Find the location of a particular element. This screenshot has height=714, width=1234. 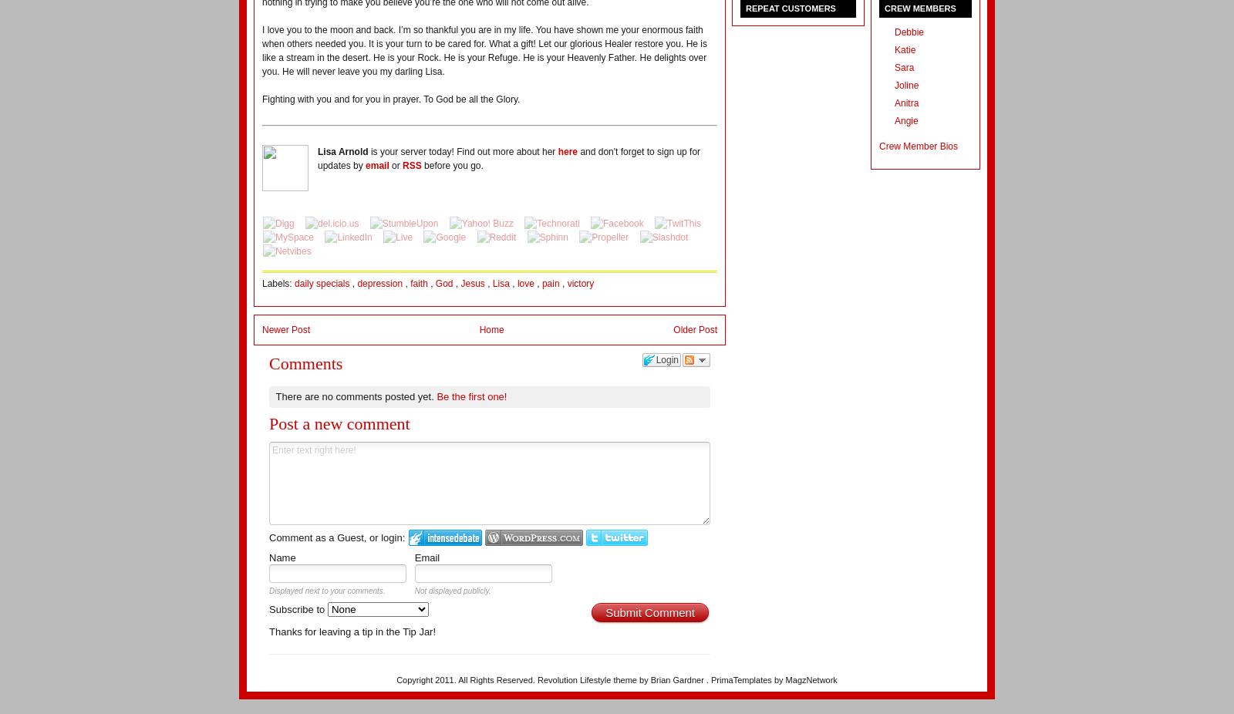

'Name' is located at coordinates (282, 557).